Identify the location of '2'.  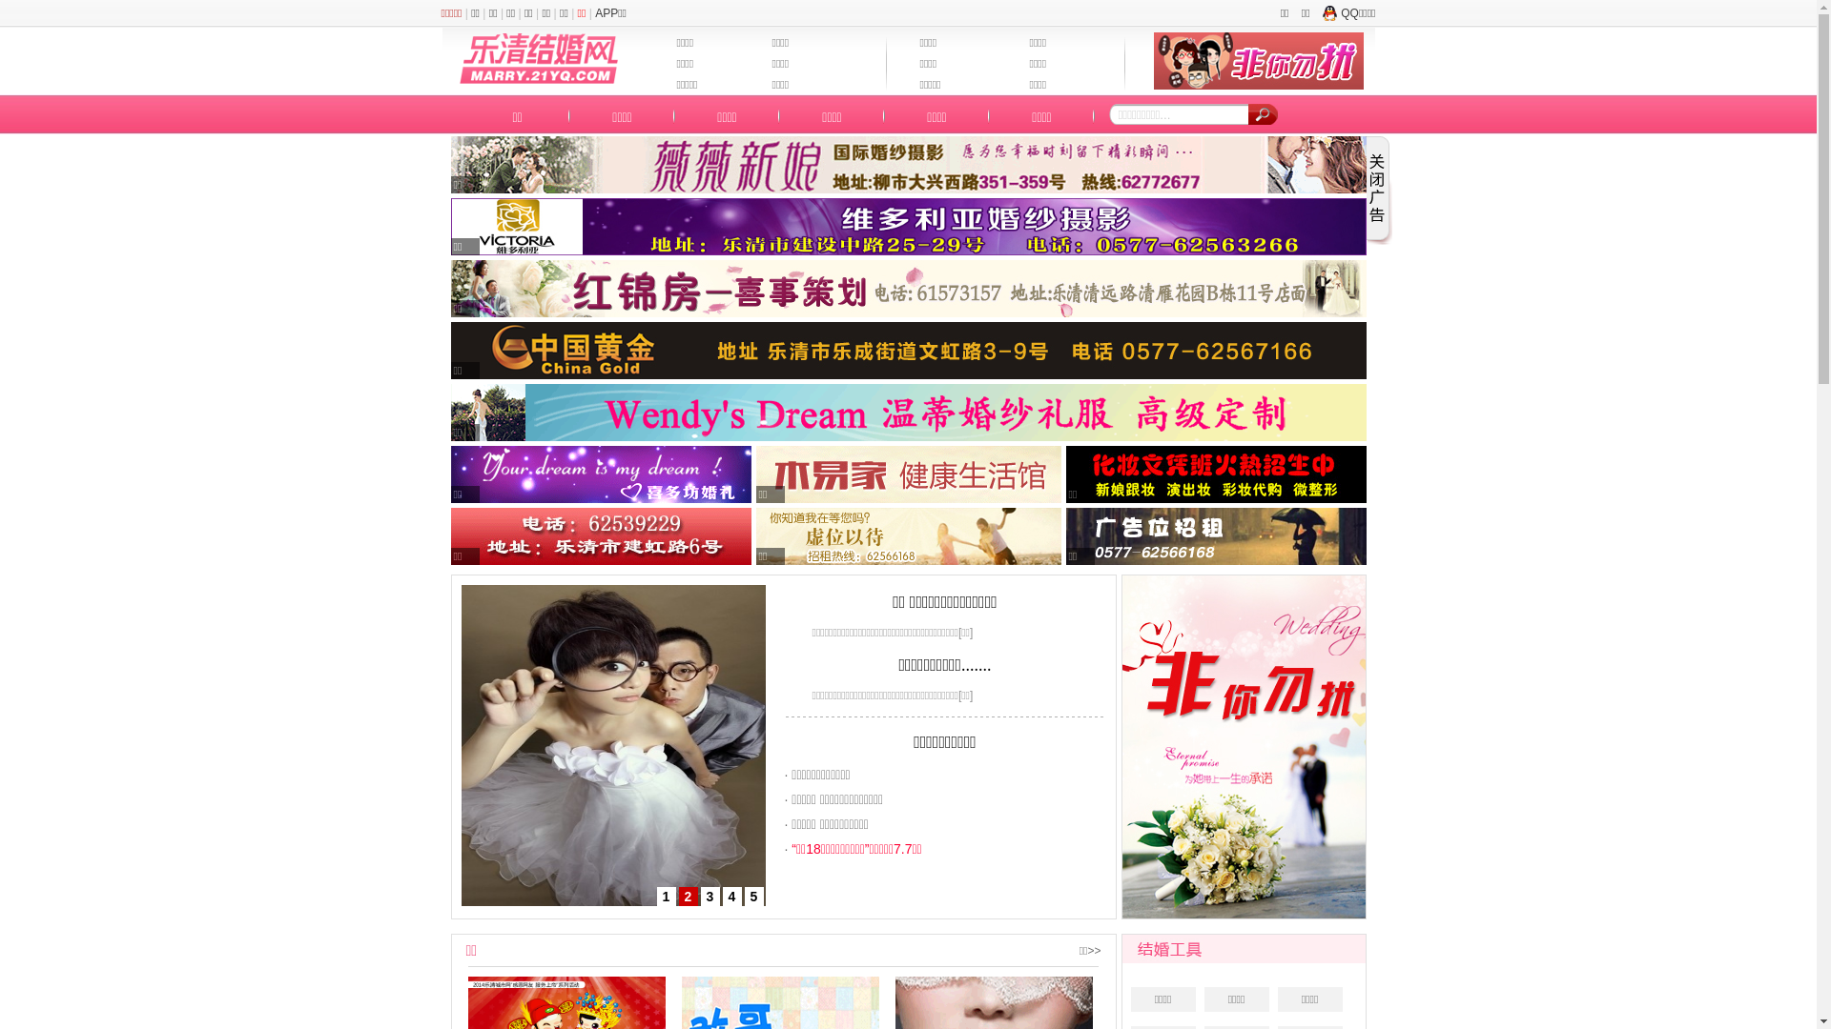
(678, 897).